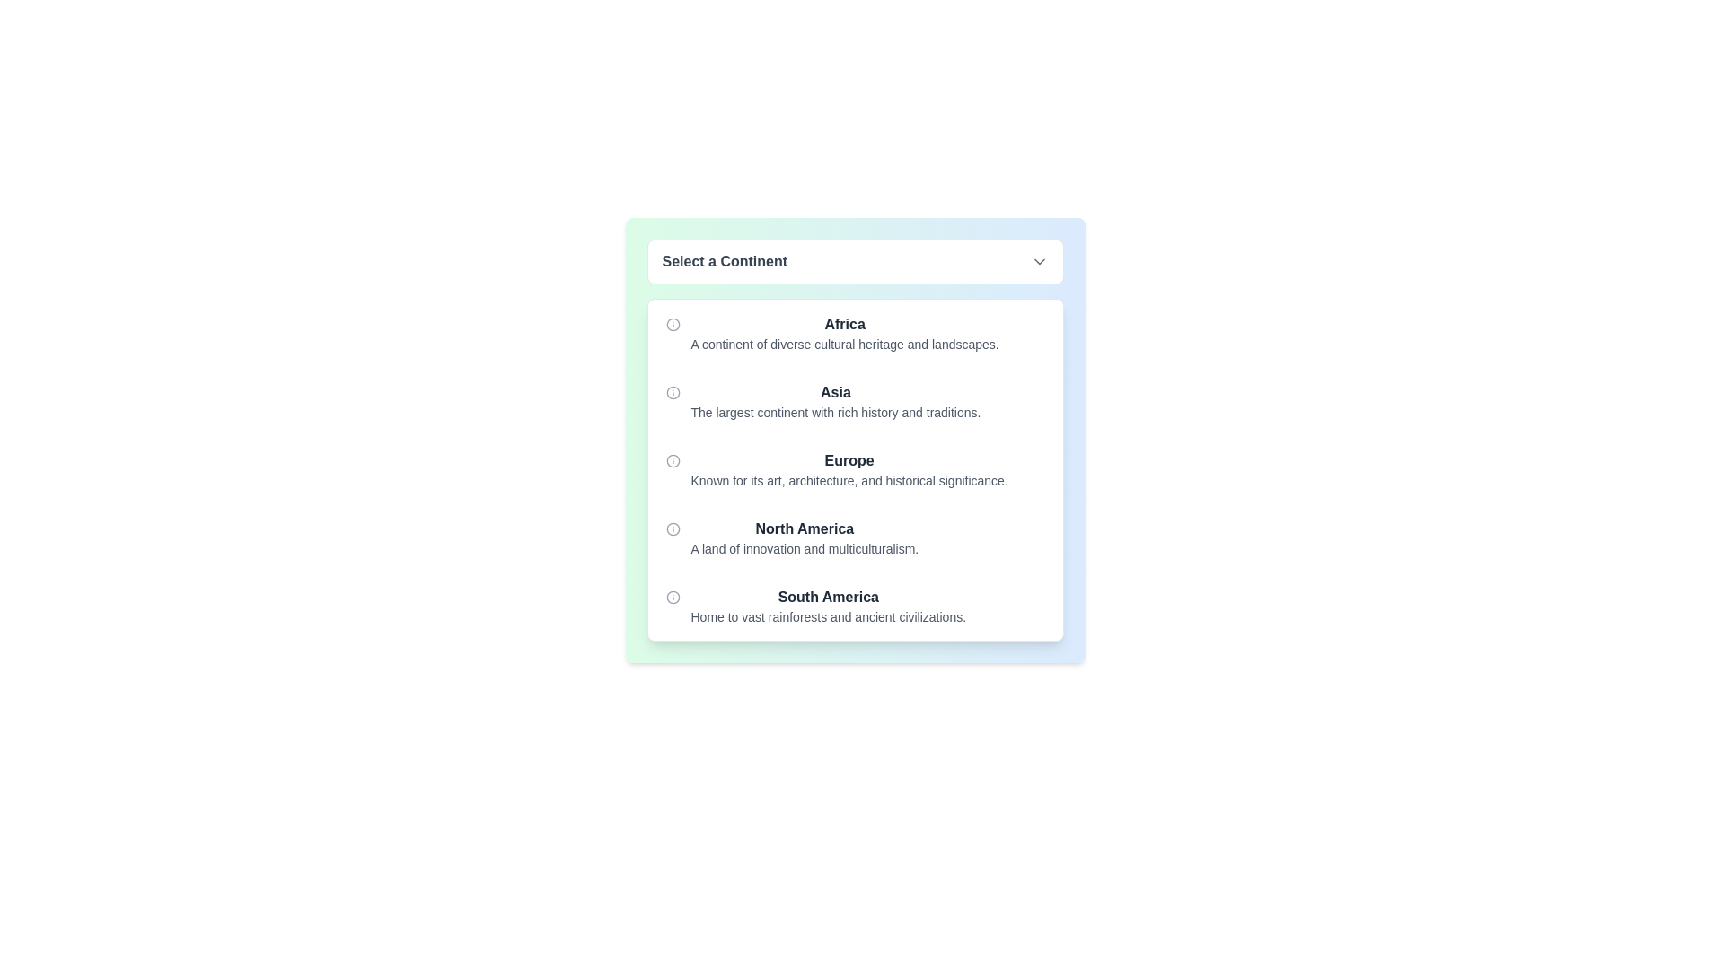  I want to click on the region associated with the bold text label displaying 'Asia', which is prominently centered and positioned as the first line within its section, so click(835, 392).